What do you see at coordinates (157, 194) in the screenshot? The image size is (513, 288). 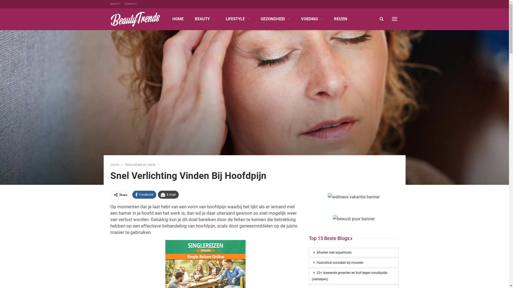 I see `'E-mail'` at bounding box center [157, 194].